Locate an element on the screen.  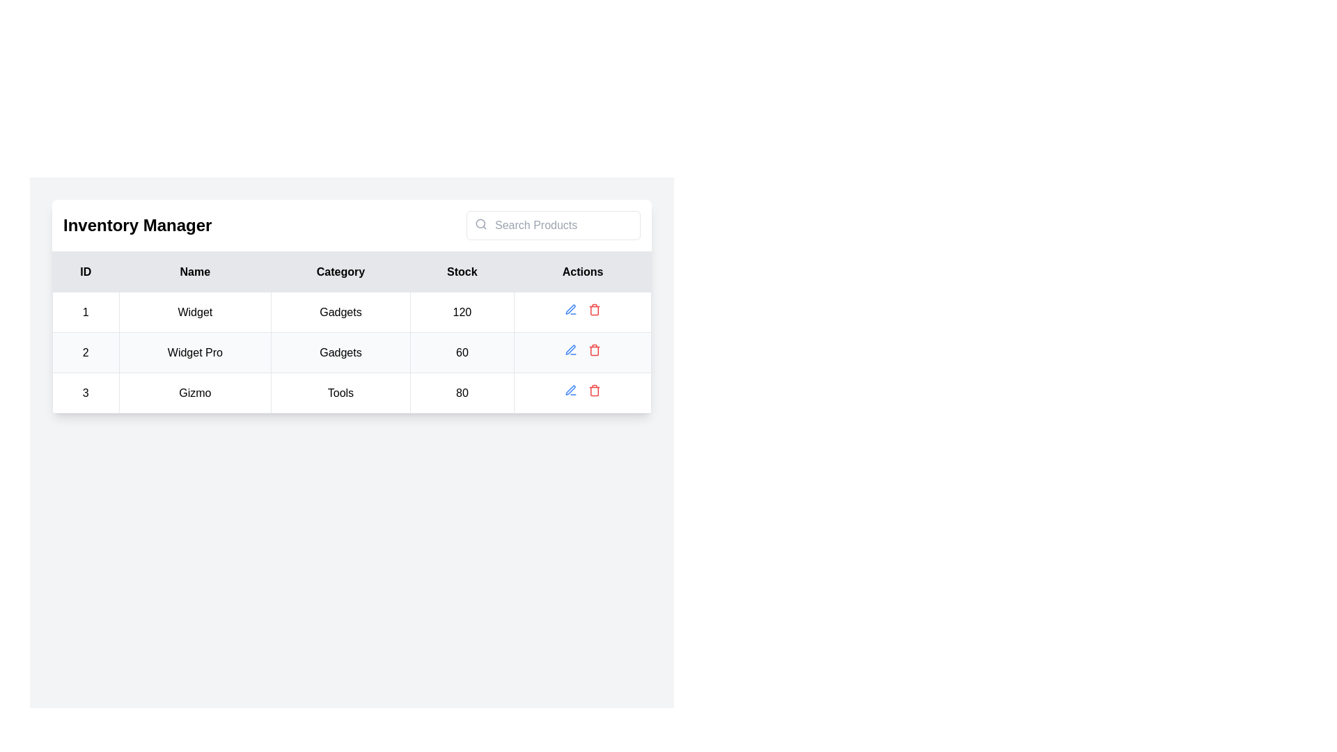
the text-based identifier representing the number '1', which is located in the first column of the first row under the 'ID' heading in a tabular layout is located at coordinates (85, 311).